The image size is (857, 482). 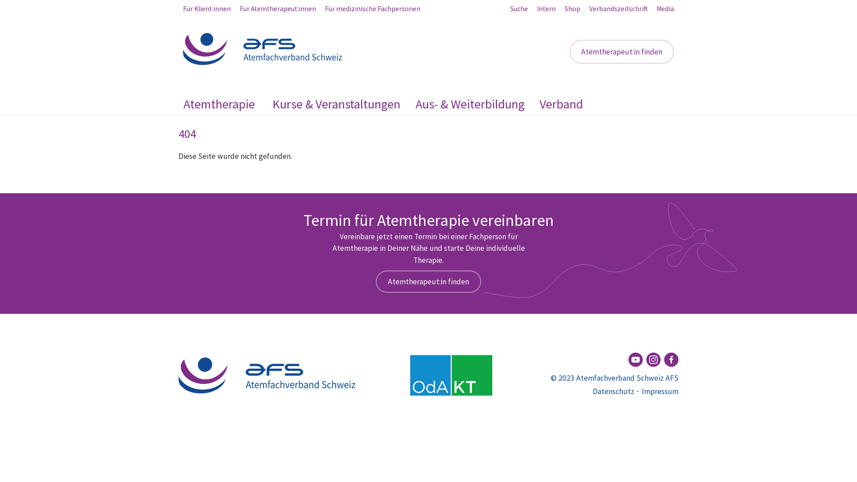 I want to click on 'Atemtherapeut:in finden', so click(x=428, y=282).